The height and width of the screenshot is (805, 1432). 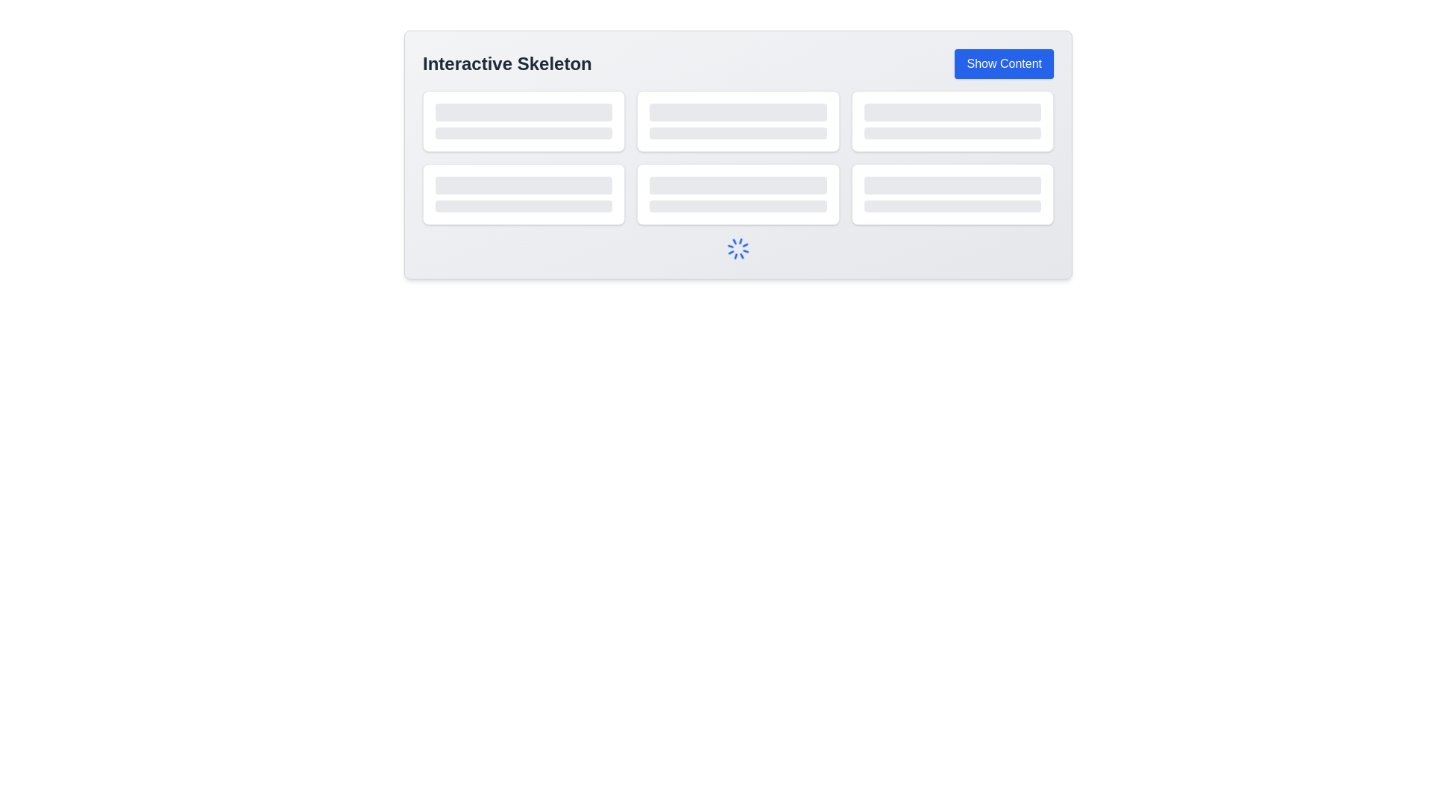 I want to click on loading skeleton component, which is the second card in the second row of a three-column grid layout, for debugging purposes, so click(x=738, y=120).